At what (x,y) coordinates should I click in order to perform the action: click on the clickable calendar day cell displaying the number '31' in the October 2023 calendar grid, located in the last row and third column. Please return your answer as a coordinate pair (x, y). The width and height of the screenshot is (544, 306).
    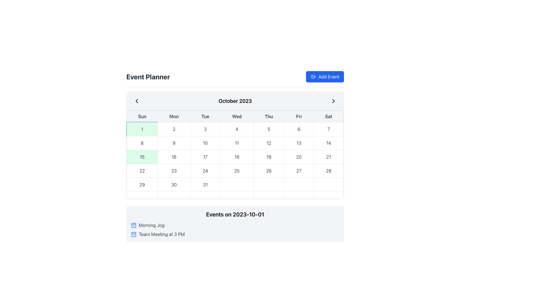
    Looking at the image, I should click on (205, 184).